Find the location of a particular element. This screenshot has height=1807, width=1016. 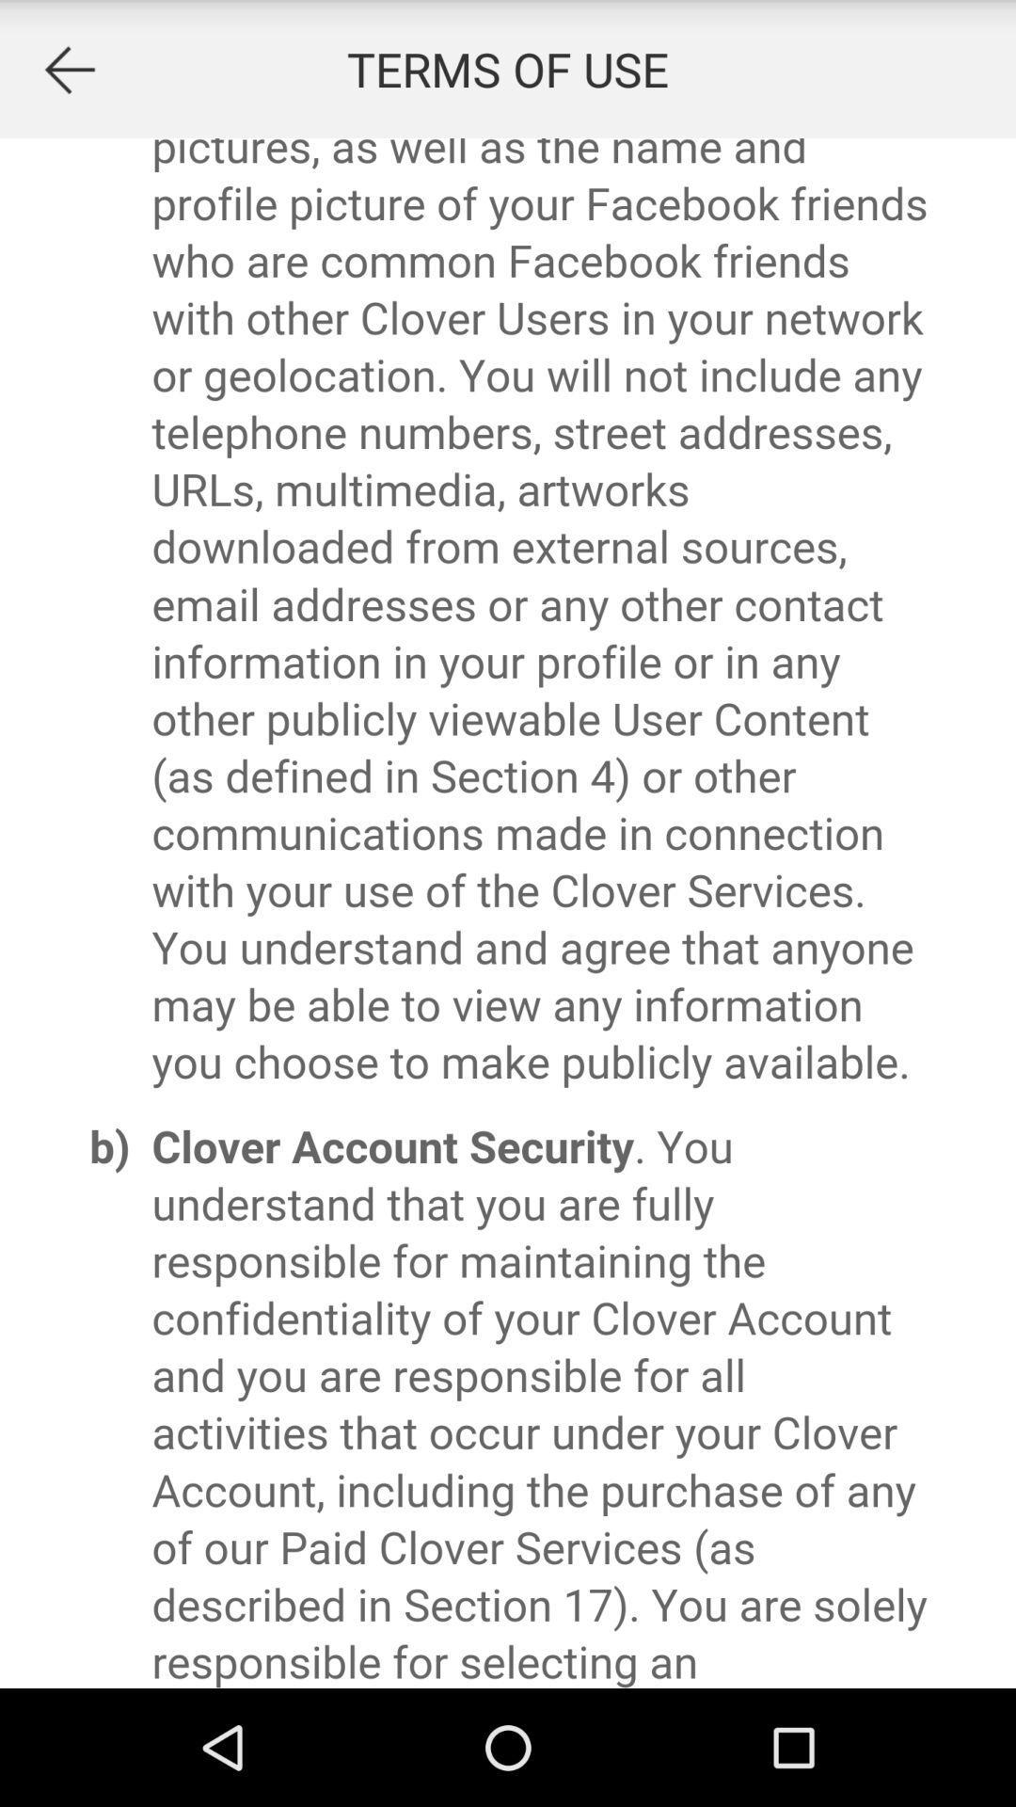

the arrow_backward icon is located at coordinates (68, 73).